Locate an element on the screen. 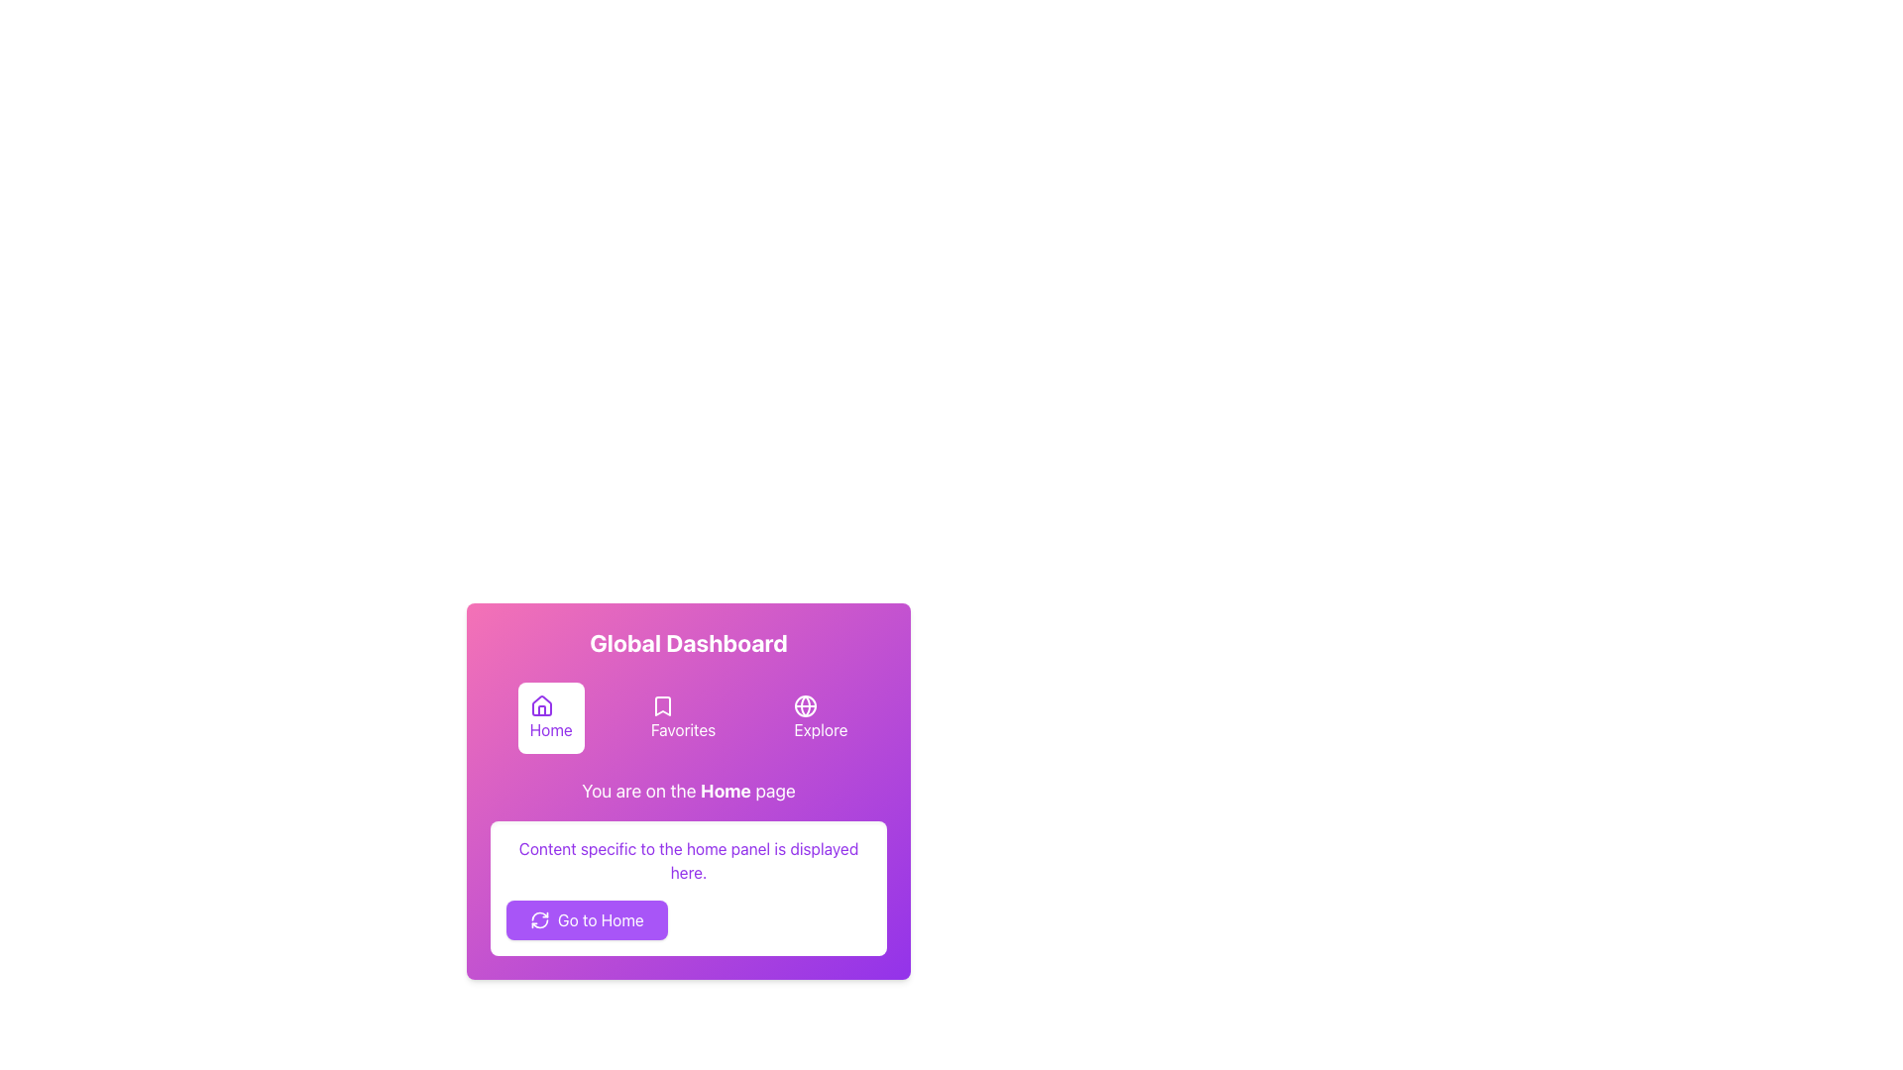 The image size is (1903, 1070). the bookmark-shaped icon with a thin outline located above the 'Favorites' label in the middle section of the horizontal row containing Home, Favorites, and Explore is located at coordinates (662, 705).